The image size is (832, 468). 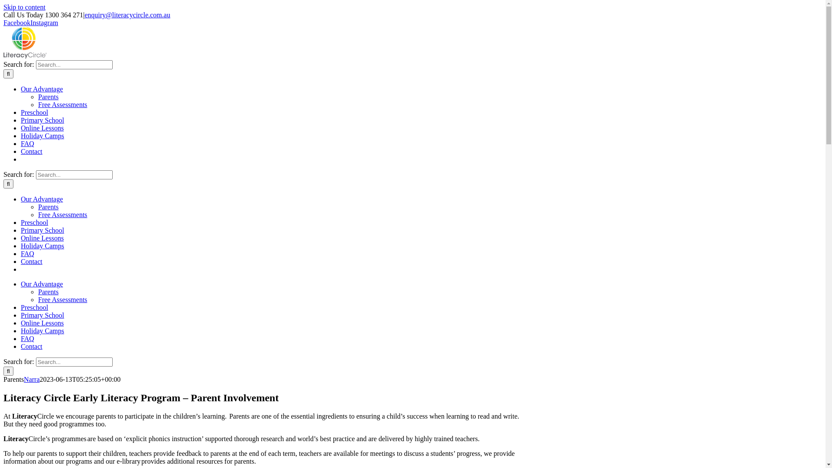 What do you see at coordinates (3, 22) in the screenshot?
I see `'Facebook'` at bounding box center [3, 22].